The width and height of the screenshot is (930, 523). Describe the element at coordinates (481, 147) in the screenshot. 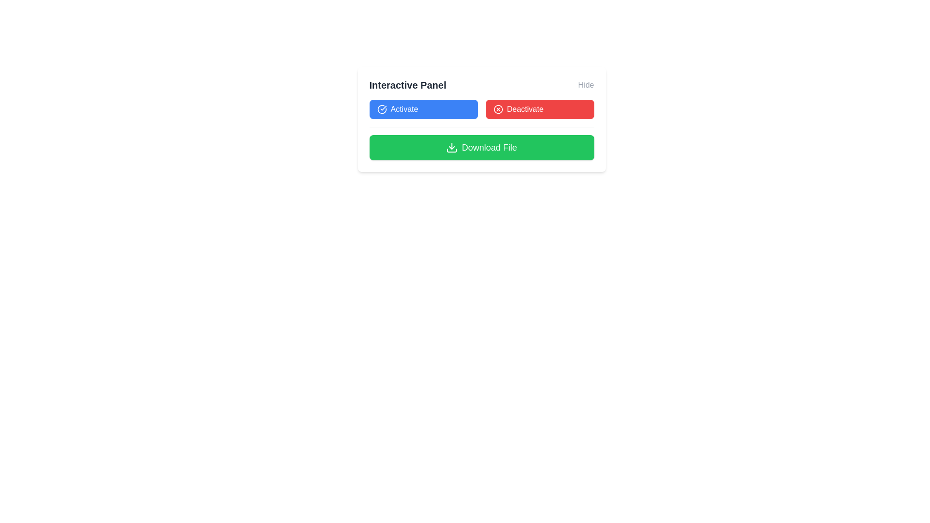

I see `the third button in the panel, which is designed for initiating file downloads, to trigger hover effects` at that location.